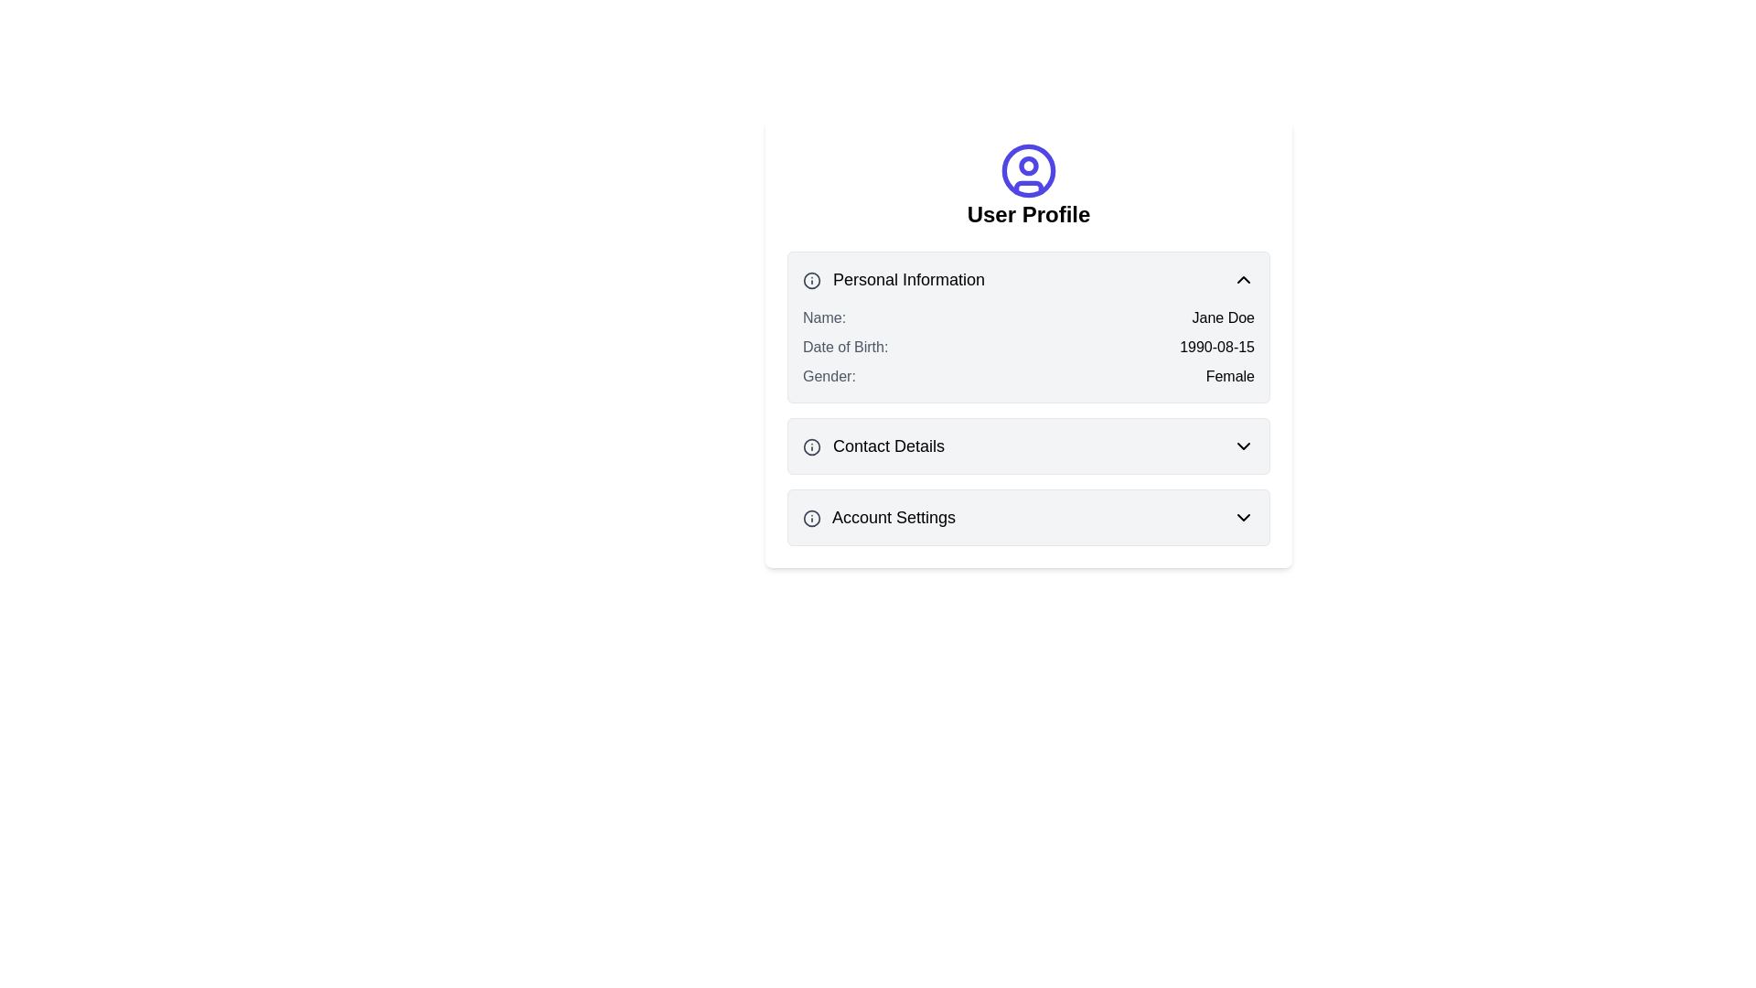 The height and width of the screenshot is (988, 1756). What do you see at coordinates (828, 376) in the screenshot?
I see `the 'Gender:' text label in the 'Personal Information' section, which is a medium-sized gray label aligned to the left, located below the 'Date of Birth' label and to the left of the value 'Female'` at bounding box center [828, 376].